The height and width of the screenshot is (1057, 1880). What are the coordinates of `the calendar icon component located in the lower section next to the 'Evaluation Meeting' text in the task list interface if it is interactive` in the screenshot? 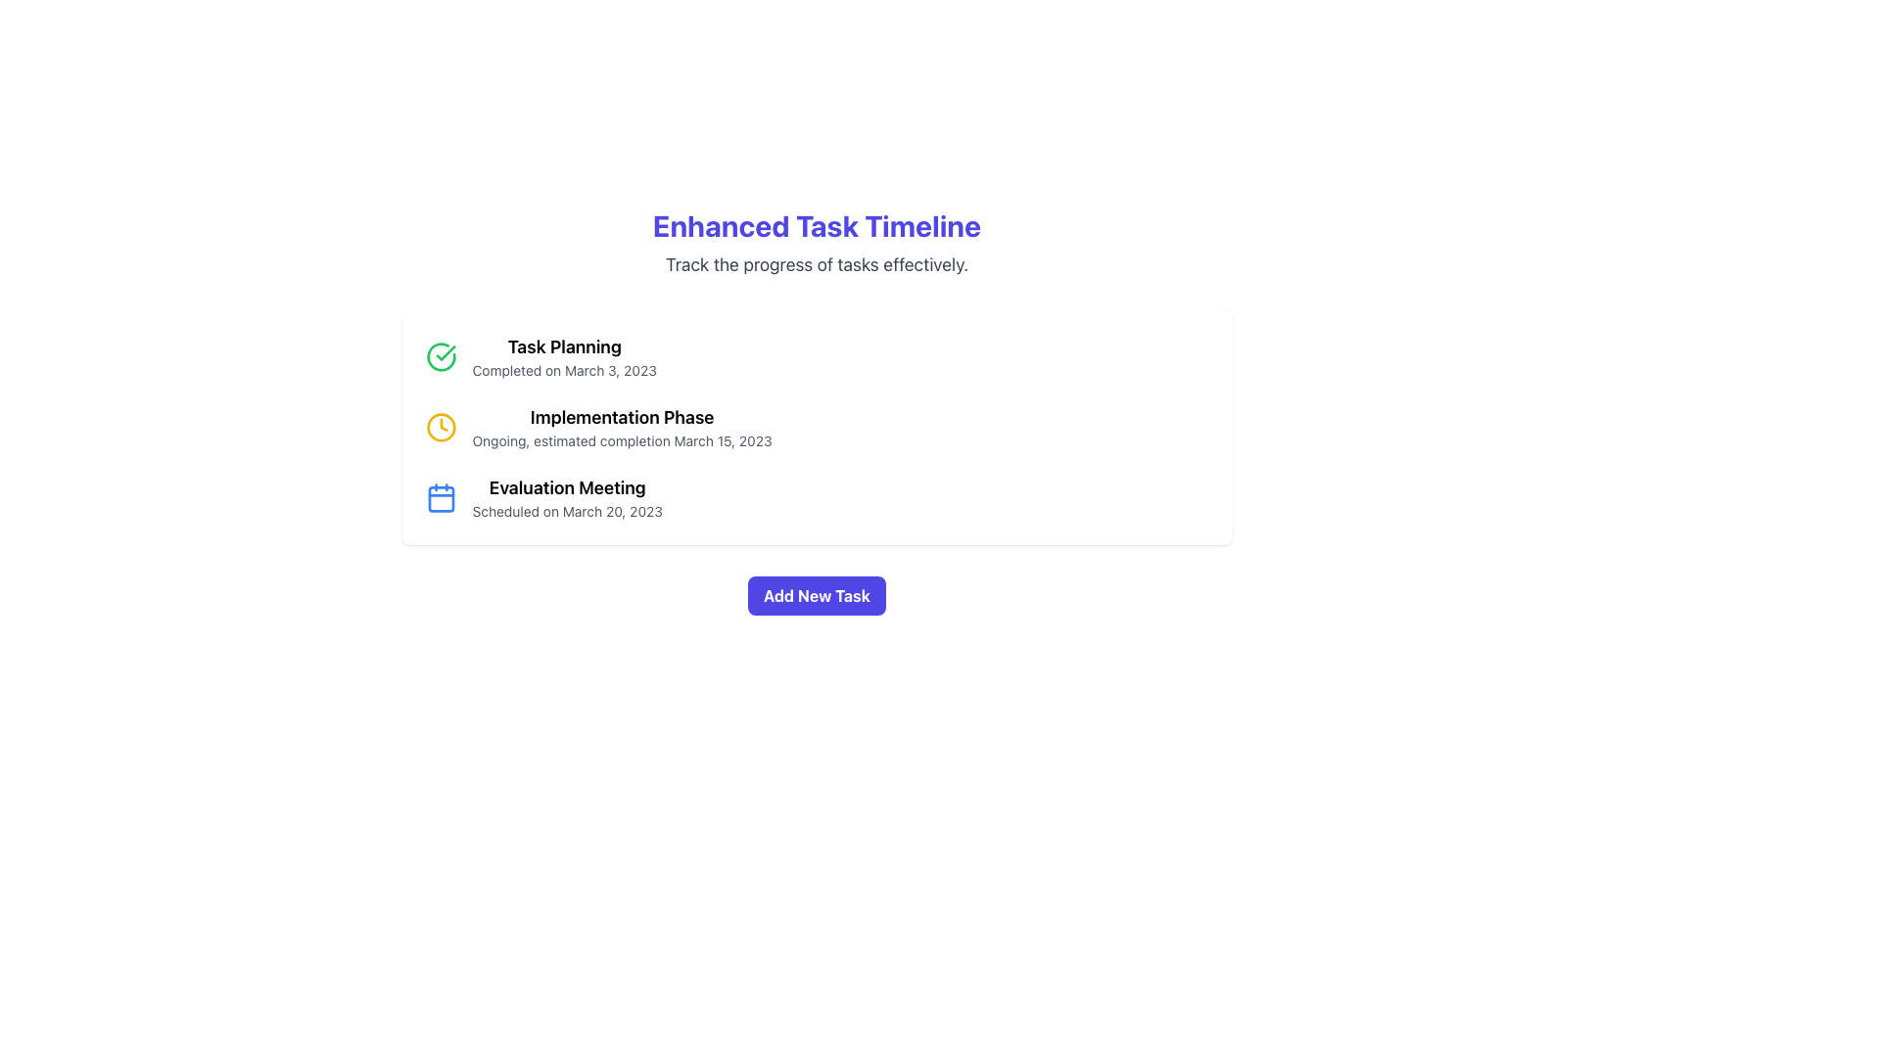 It's located at (440, 498).